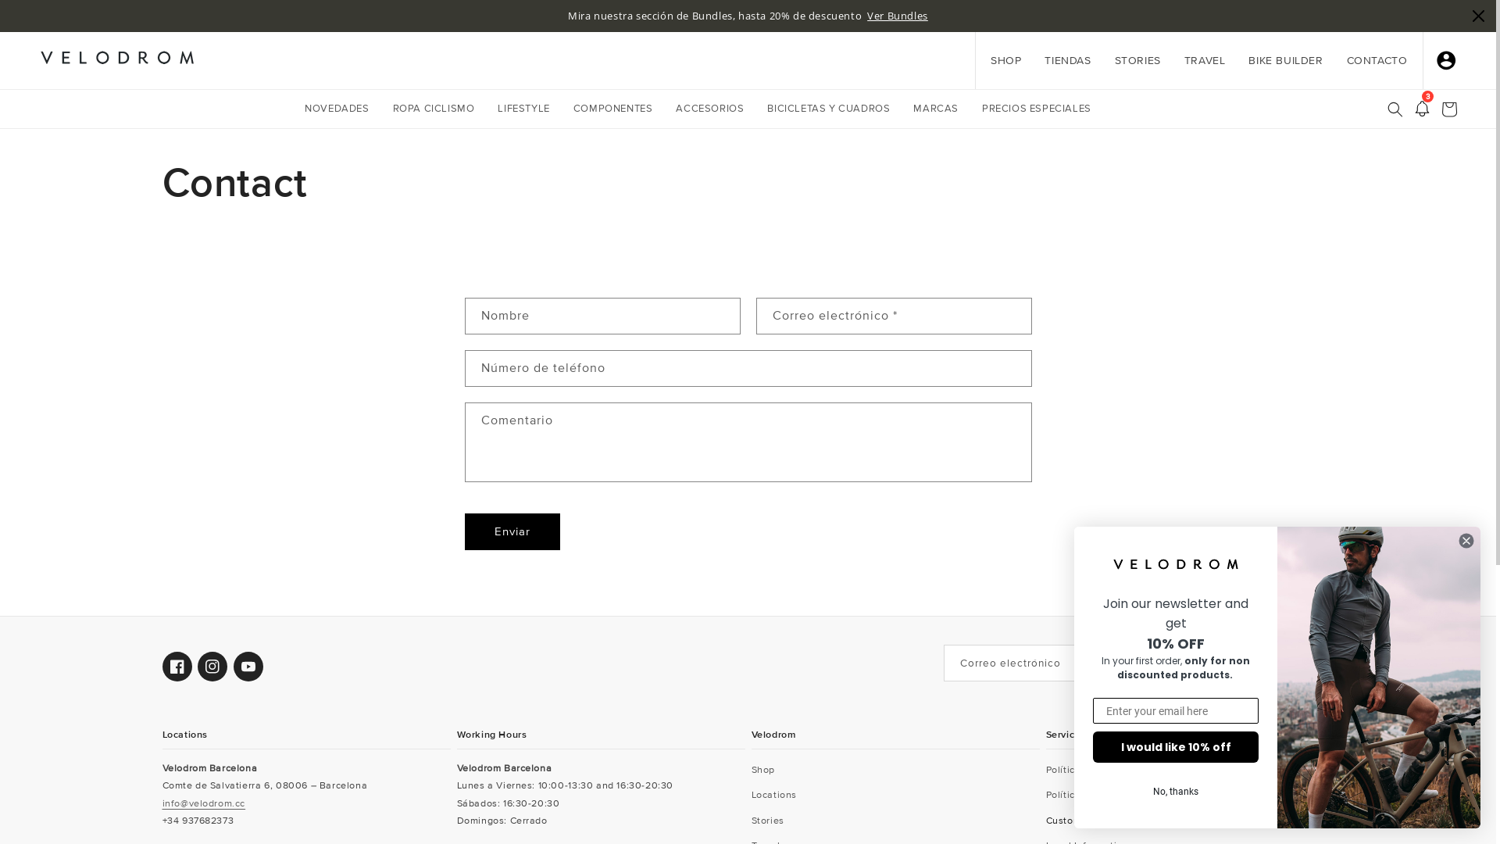 This screenshot has height=844, width=1500. I want to click on 'Carrito', so click(1440, 108).